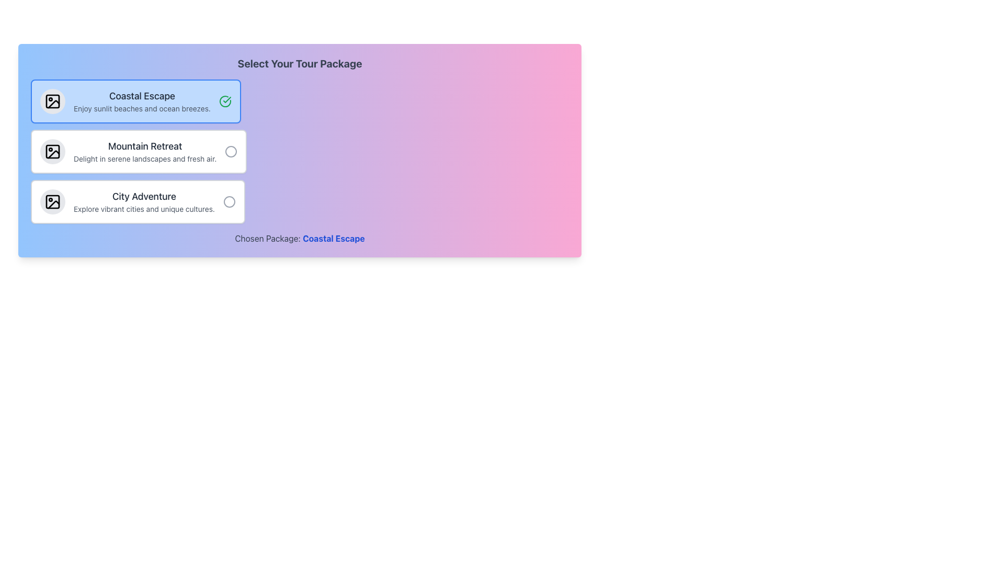 The width and height of the screenshot is (1004, 565). Describe the element at coordinates (52, 201) in the screenshot. I see `the 'City Adventure' package icon, which is the leftmost icon in the third option card of the tour packages list` at that location.